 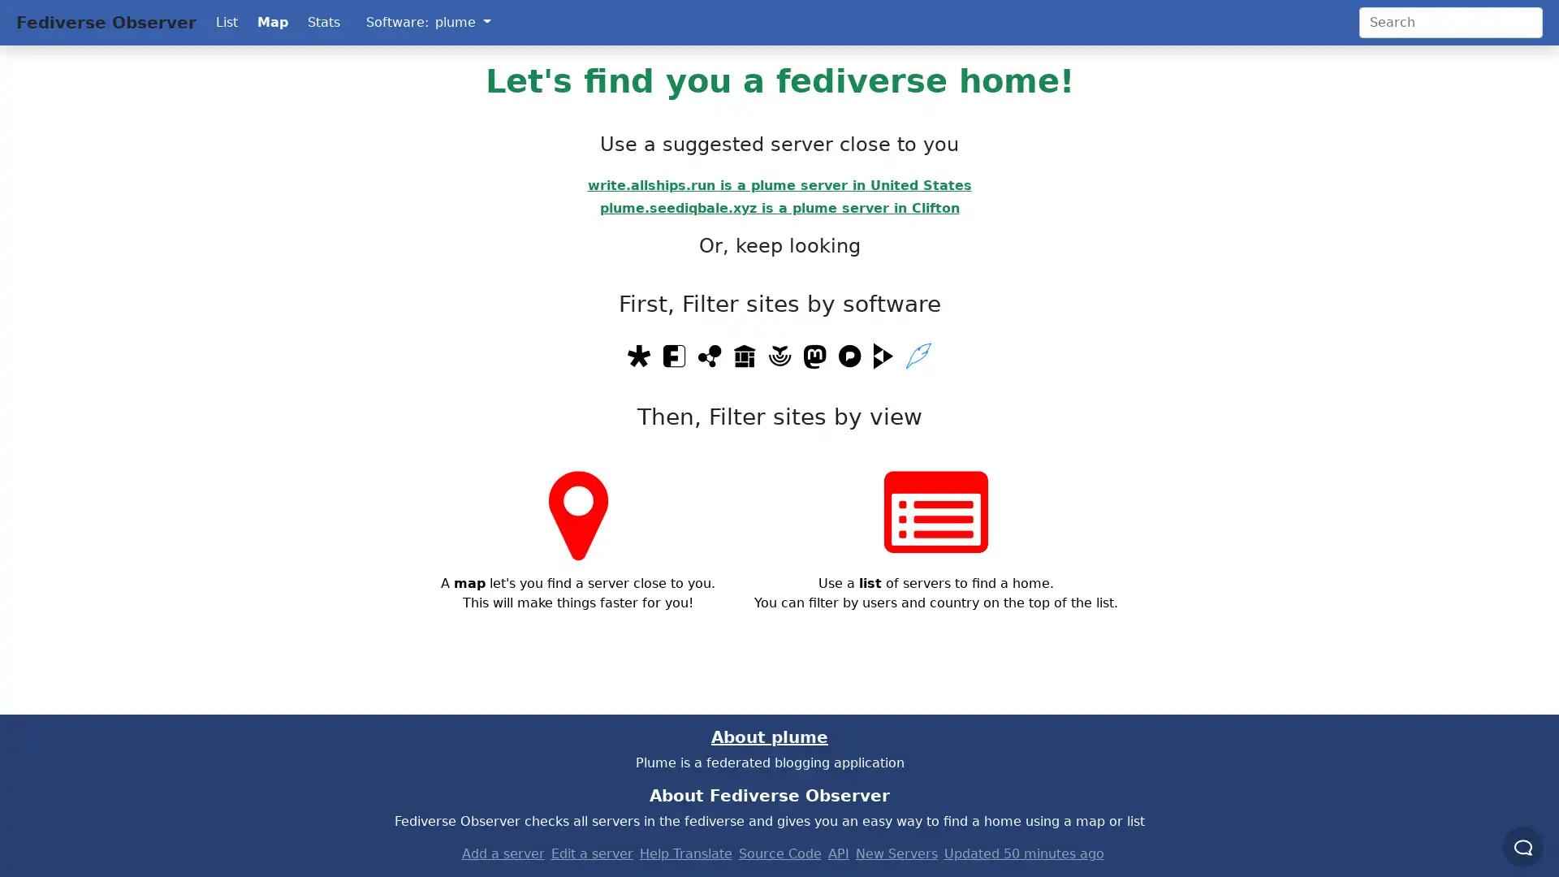 What do you see at coordinates (462, 22) in the screenshot?
I see `plume` at bounding box center [462, 22].